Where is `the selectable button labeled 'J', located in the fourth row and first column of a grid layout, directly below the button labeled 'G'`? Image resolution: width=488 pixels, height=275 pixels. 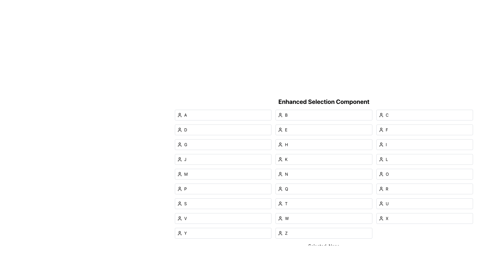
the selectable button labeled 'J', located in the fourth row and first column of a grid layout, directly below the button labeled 'G' is located at coordinates (223, 159).